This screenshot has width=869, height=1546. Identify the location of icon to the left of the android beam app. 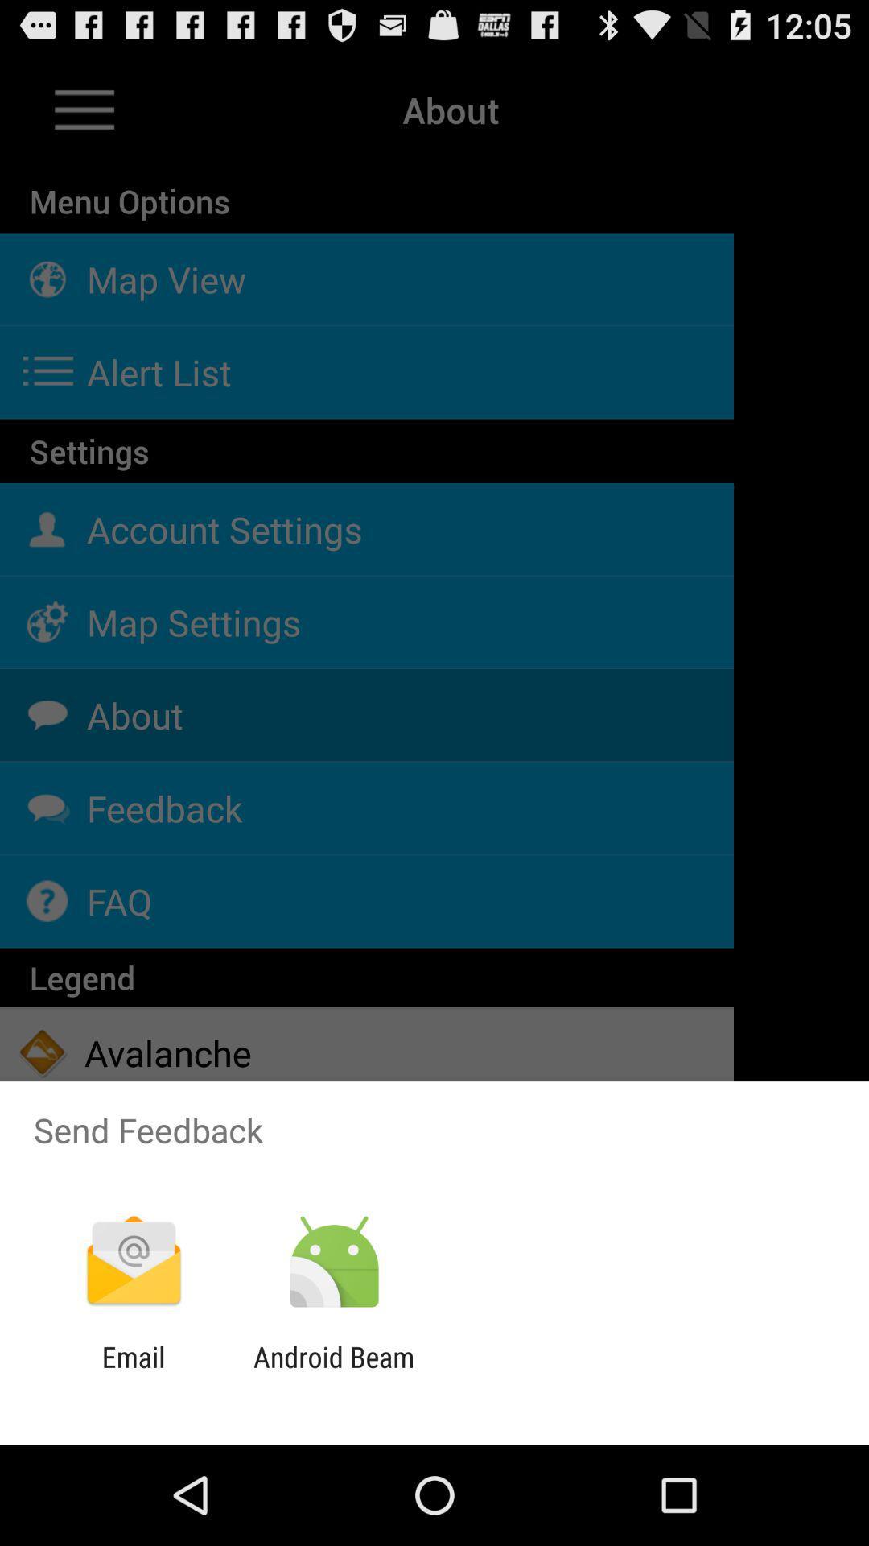
(133, 1373).